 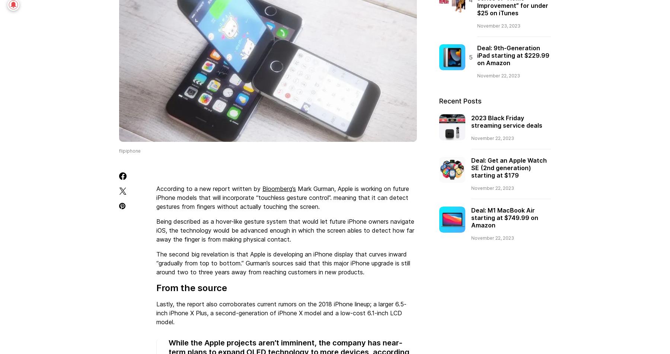 I want to click on 'Mark Gurman, Apple is working on future iPhone models that will incorporate “touchless gesture control”. meaning that it can detect gestures from fingers without actually touching the screen.', so click(x=282, y=197).